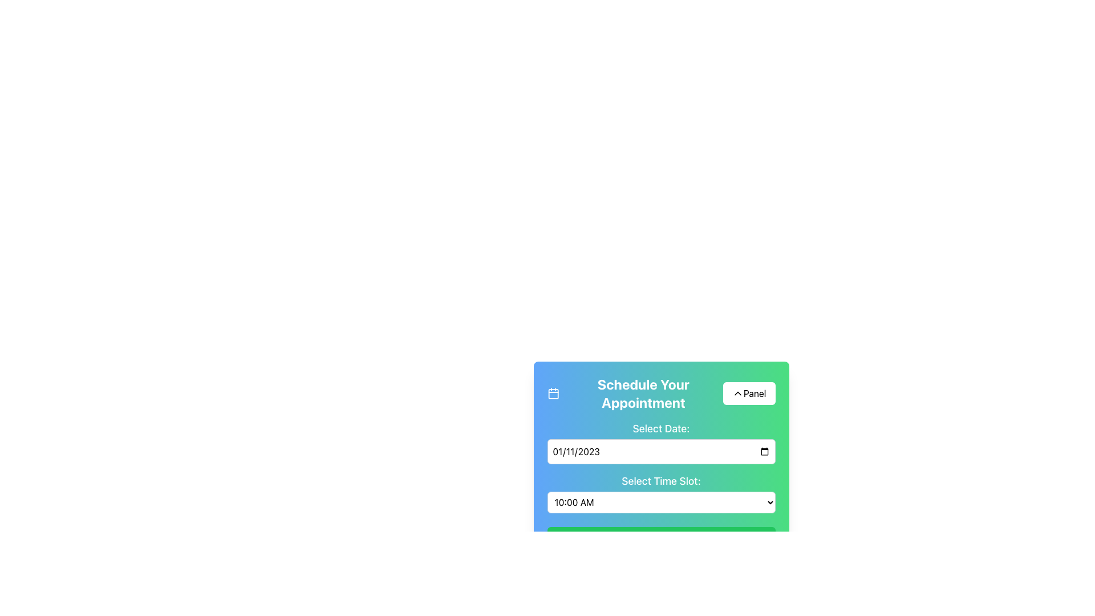 The width and height of the screenshot is (1095, 616). What do you see at coordinates (553, 393) in the screenshot?
I see `the small calendar icon located to the left of the text 'Schedule Your Appointment', which features a rectangular shape with rounded corners and two vertical lines at the top` at bounding box center [553, 393].